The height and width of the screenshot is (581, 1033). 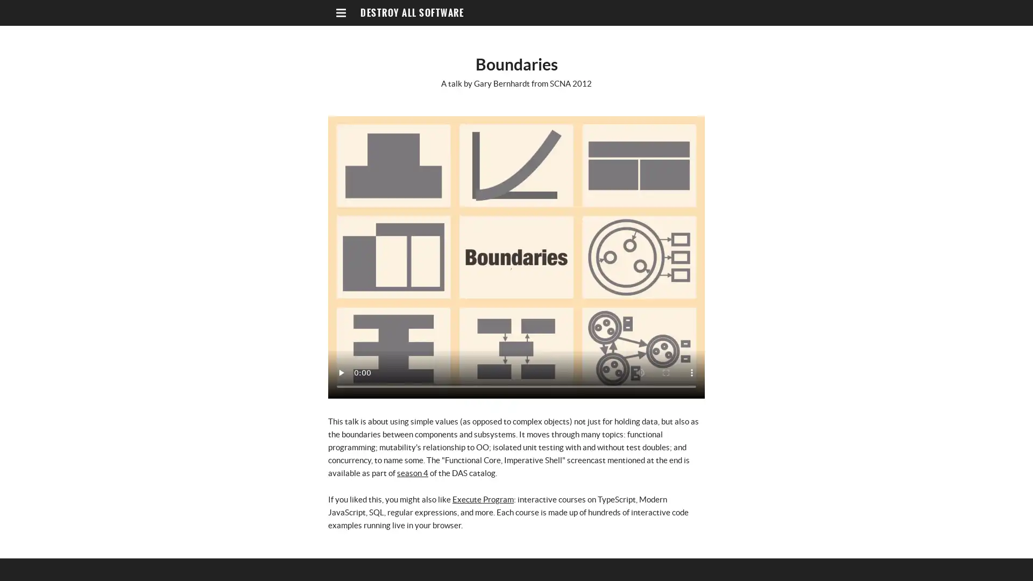 What do you see at coordinates (666, 372) in the screenshot?
I see `enter full screen` at bounding box center [666, 372].